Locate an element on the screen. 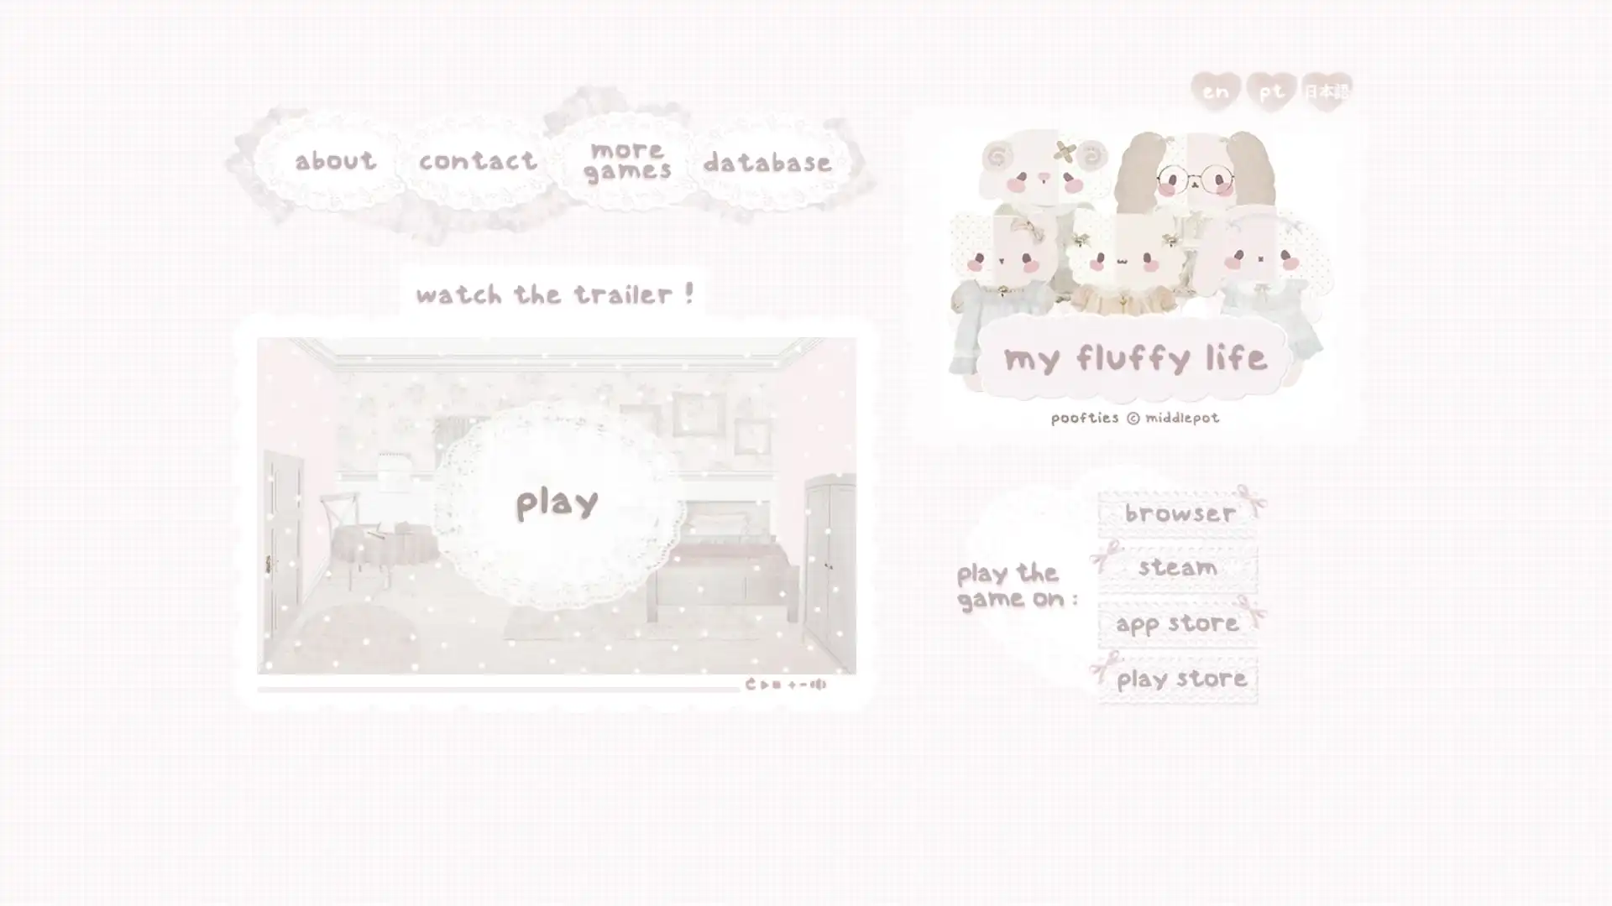  stop is located at coordinates (648, 568).